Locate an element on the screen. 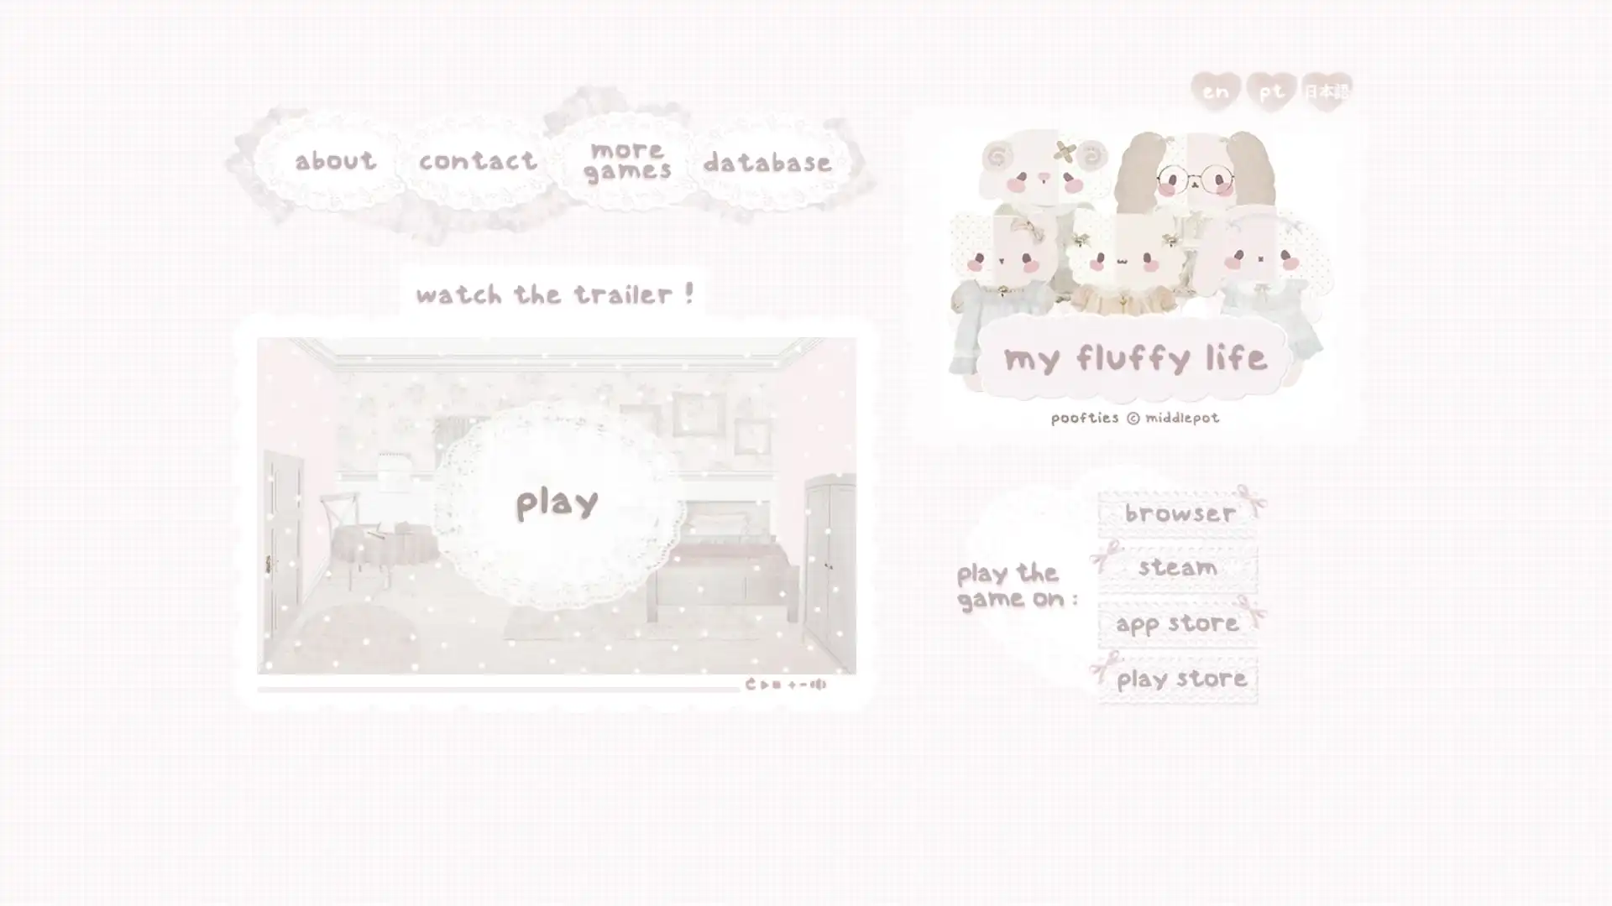  stop is located at coordinates (648, 568).